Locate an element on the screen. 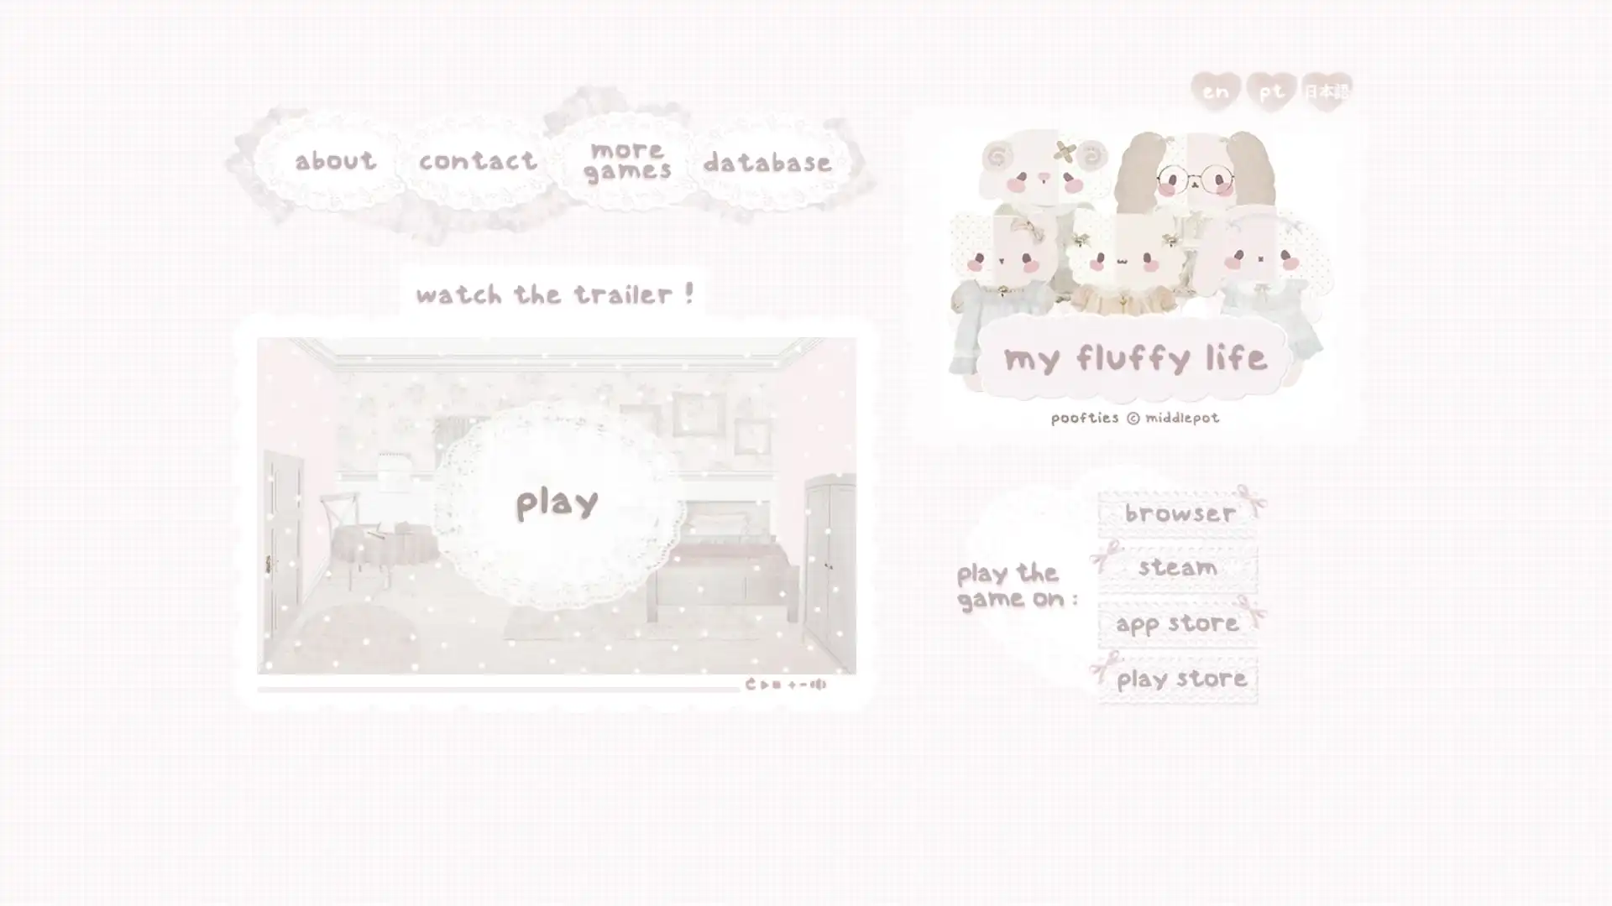  stop is located at coordinates (648, 568).